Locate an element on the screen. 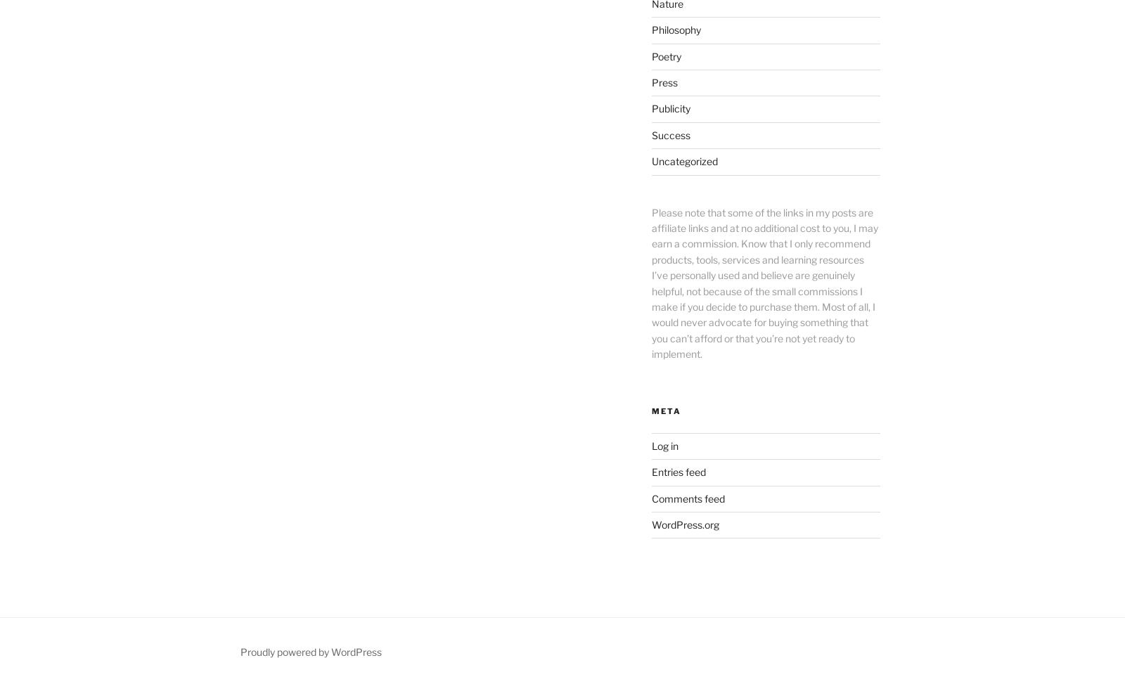  'Success' is located at coordinates (669, 134).